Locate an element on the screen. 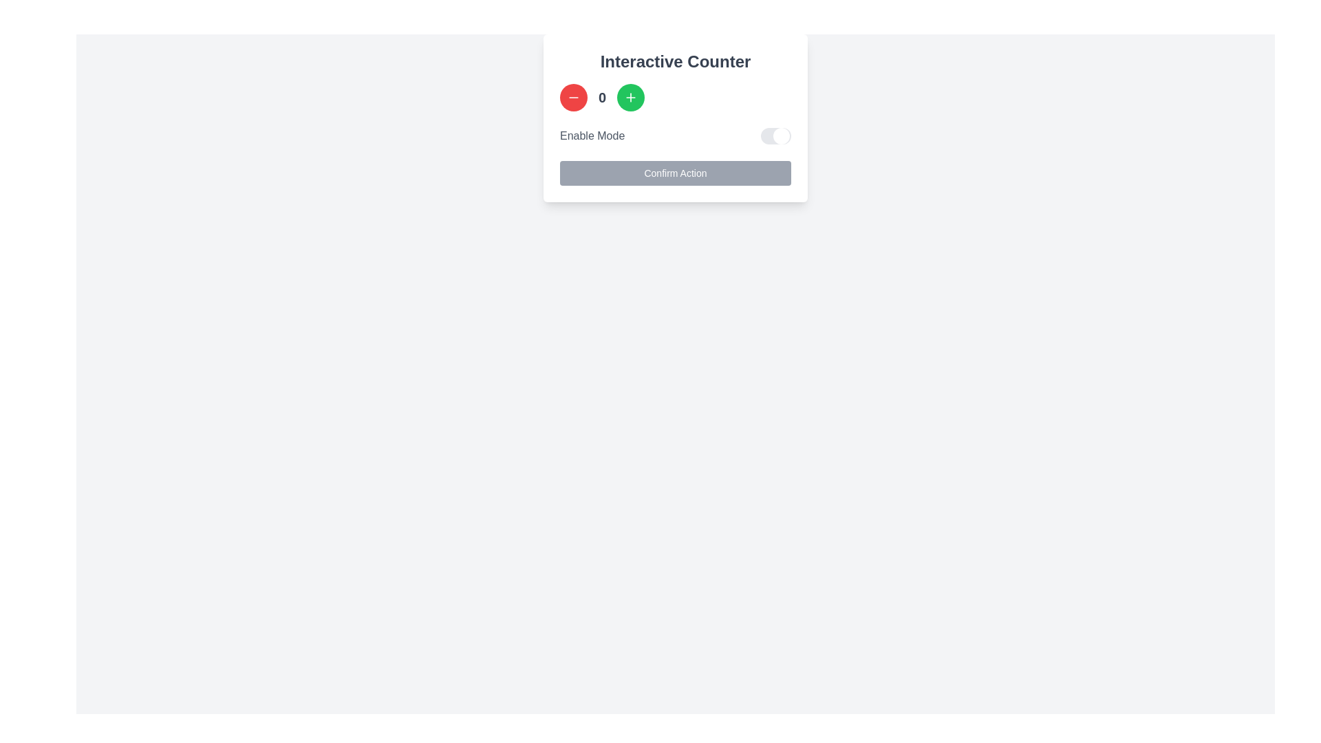 This screenshot has width=1321, height=743. the red circular button with a white minus sign located in the 'Interactive Counter' card is located at coordinates (574, 97).